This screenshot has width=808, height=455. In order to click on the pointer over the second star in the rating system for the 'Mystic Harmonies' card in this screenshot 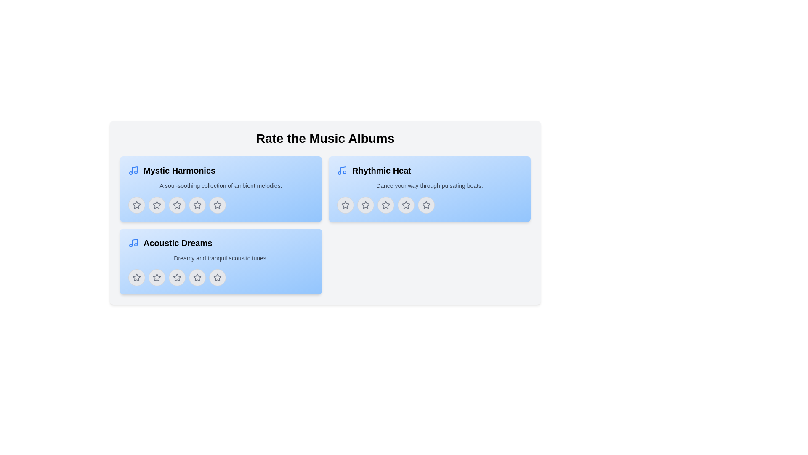, I will do `click(157, 205)`.